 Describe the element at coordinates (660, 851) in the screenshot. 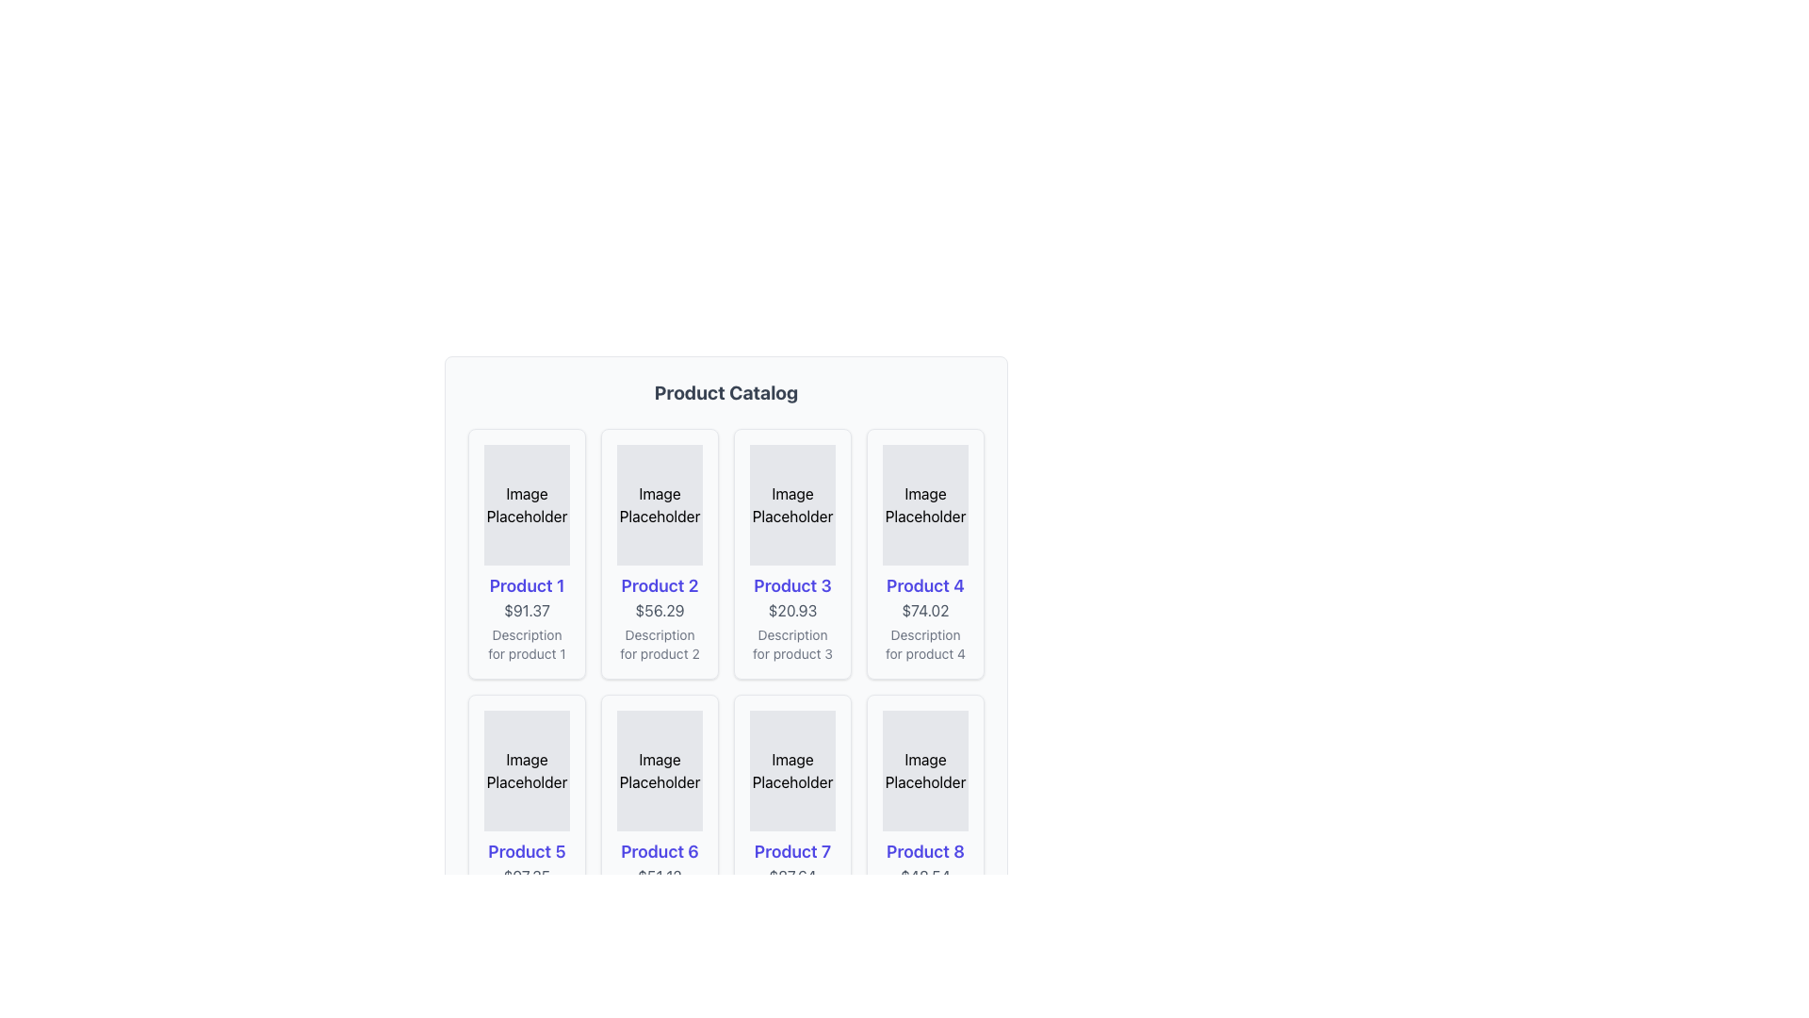

I see `the text label displaying 'Product 6' in bold indigo font, which is positioned above the price text '$51.12' and below the placeholder image in the card layout` at that location.